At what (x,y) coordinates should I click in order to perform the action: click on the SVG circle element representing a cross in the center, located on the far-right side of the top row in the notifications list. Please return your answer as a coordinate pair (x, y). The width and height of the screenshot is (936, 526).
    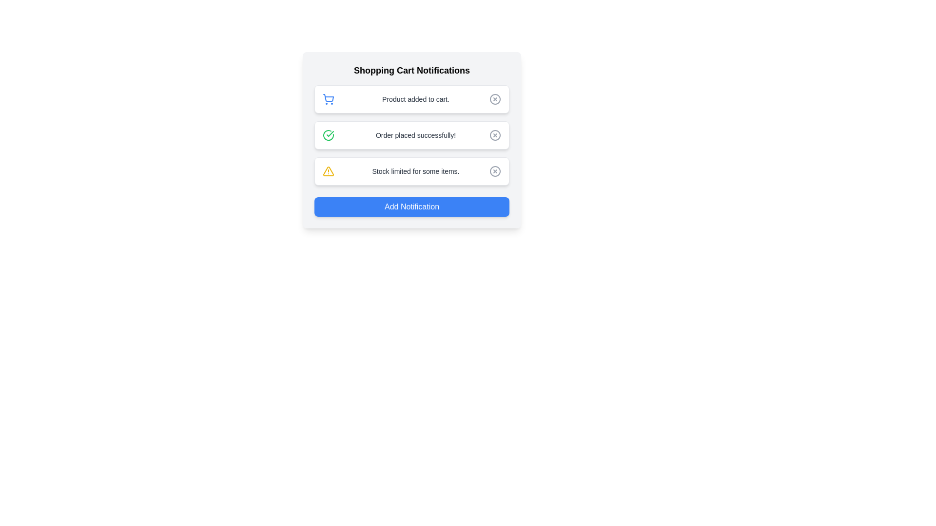
    Looking at the image, I should click on (495, 99).